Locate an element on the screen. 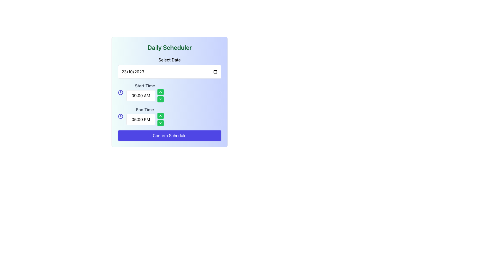  the down button of the Button group to decrement the time in the 'End Time' field located to the right of the field displaying '05:00 PM' in the 'Daily Scheduler' panel is located at coordinates (160, 120).